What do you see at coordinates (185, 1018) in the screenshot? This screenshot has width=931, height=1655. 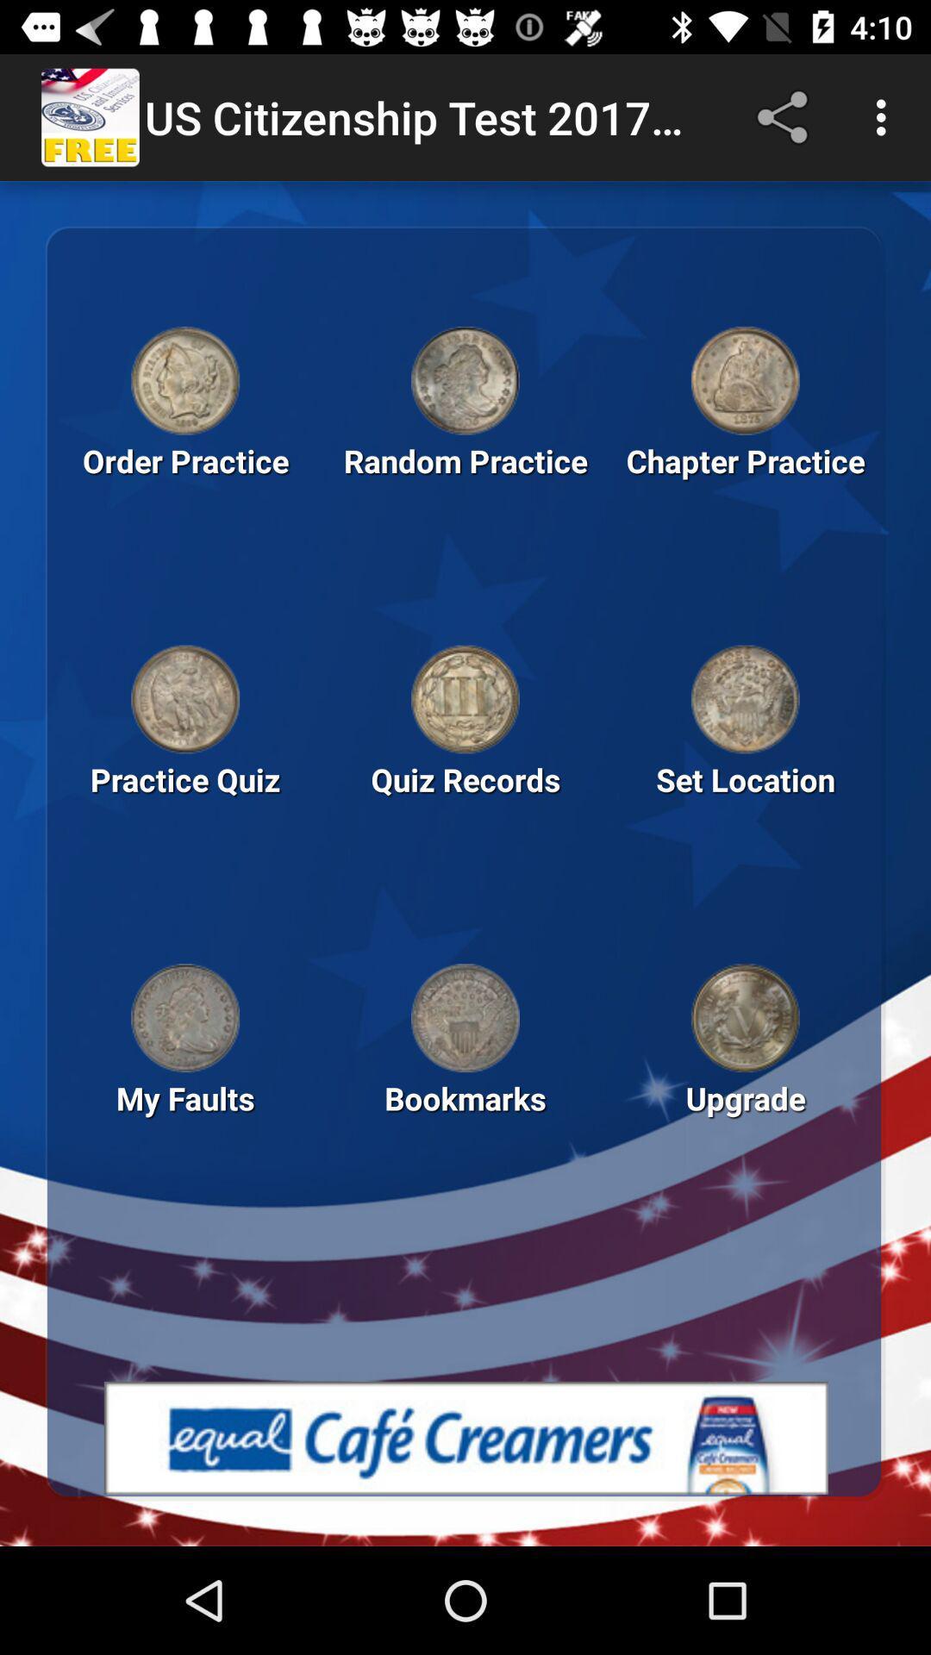 I see `open my faults list` at bounding box center [185, 1018].